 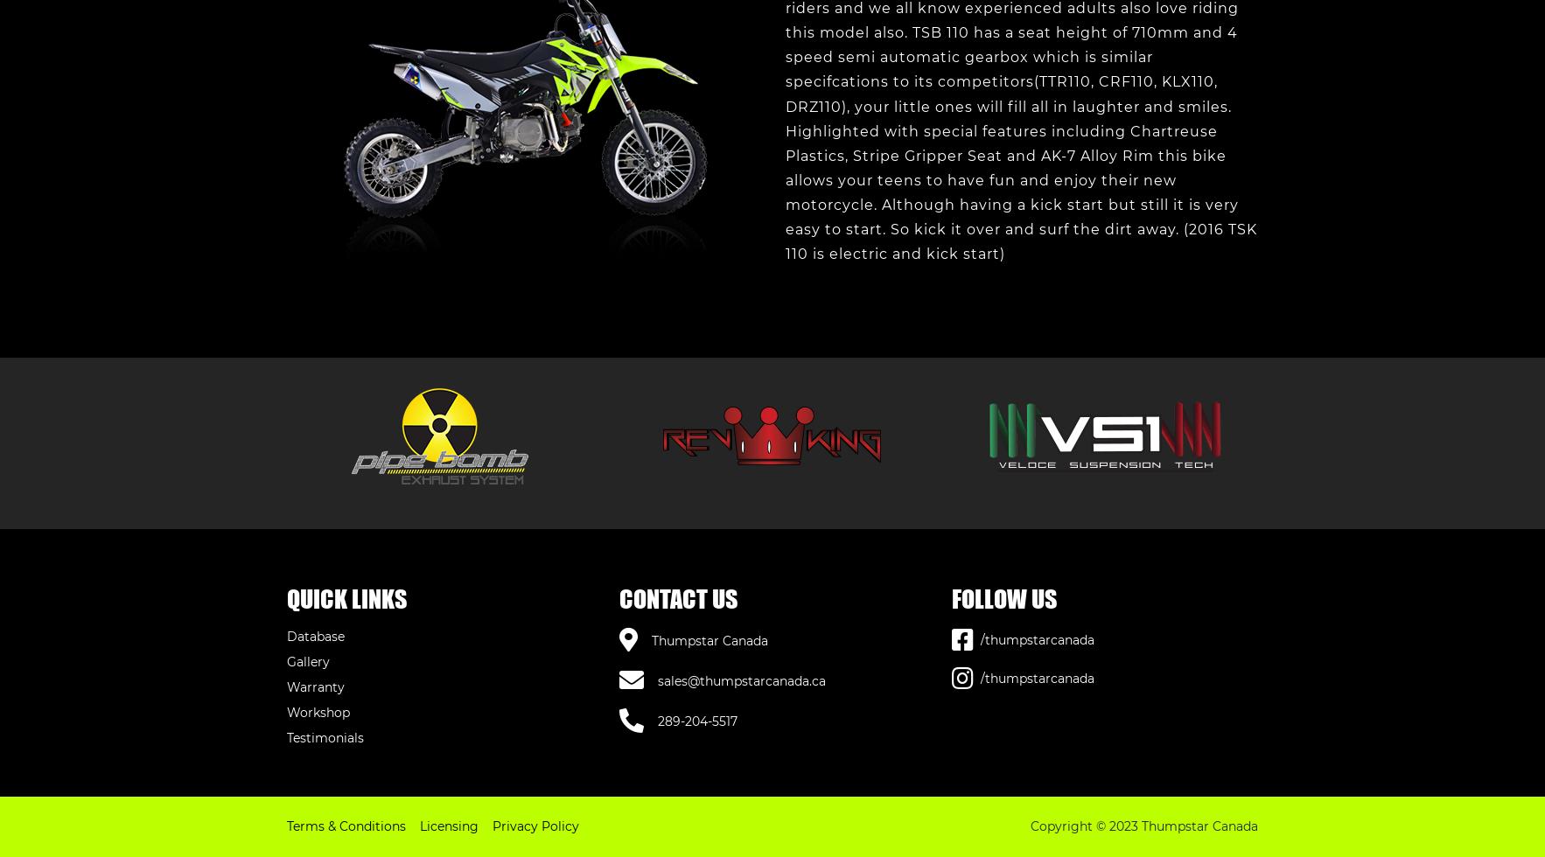 I want to click on 'Gallery', so click(x=307, y=661).